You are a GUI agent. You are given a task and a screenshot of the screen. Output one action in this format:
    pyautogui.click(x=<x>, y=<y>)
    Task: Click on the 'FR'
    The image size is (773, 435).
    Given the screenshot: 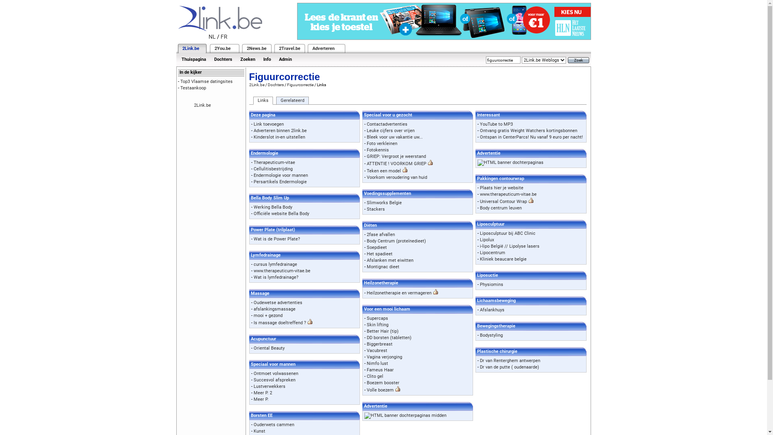 What is the action you would take?
    pyautogui.click(x=224, y=37)
    